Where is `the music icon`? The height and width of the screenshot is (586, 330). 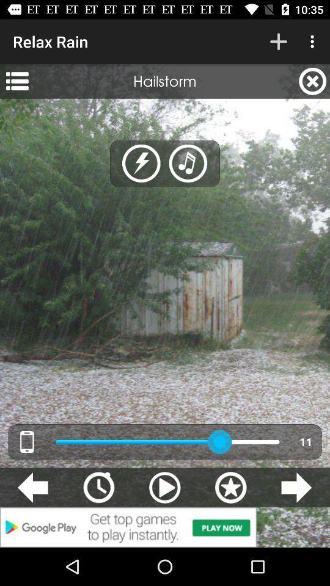
the music icon is located at coordinates (188, 163).